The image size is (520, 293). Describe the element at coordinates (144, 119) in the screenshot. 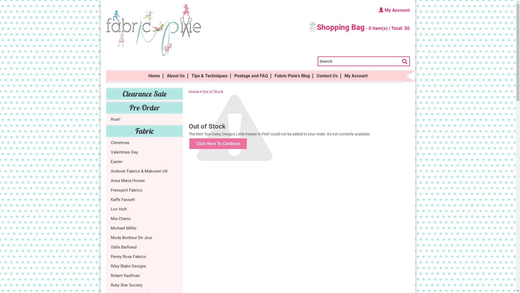

I see `'Roar!'` at that location.